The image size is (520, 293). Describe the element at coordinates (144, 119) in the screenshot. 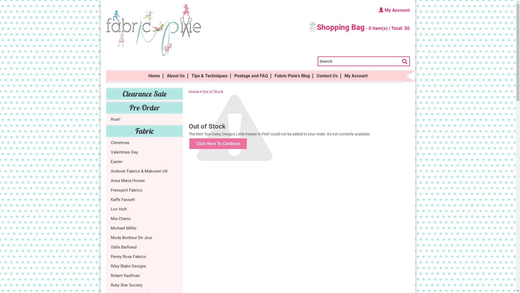

I see `'Roar!'` at that location.